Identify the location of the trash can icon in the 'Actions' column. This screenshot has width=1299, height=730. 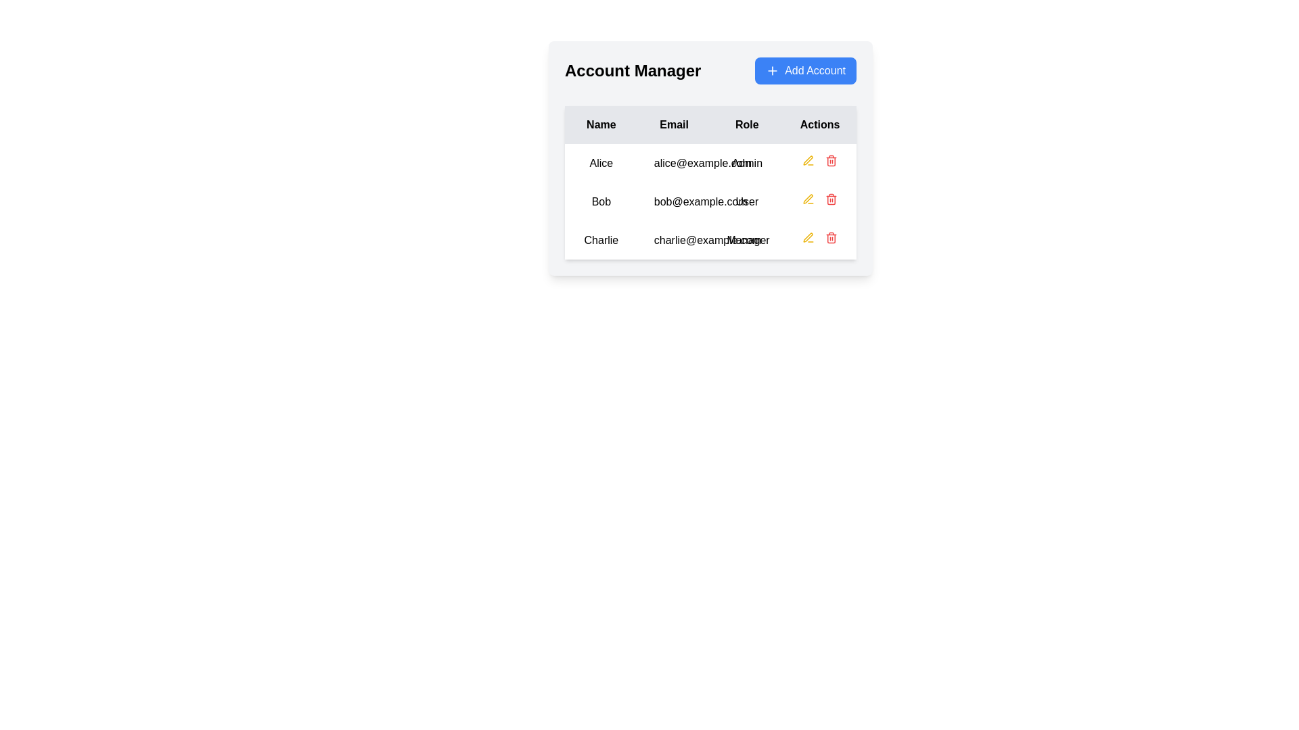
(830, 199).